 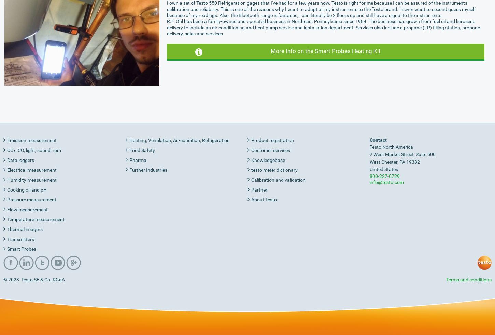 What do you see at coordinates (274, 169) in the screenshot?
I see `'testo meter dictionary'` at bounding box center [274, 169].